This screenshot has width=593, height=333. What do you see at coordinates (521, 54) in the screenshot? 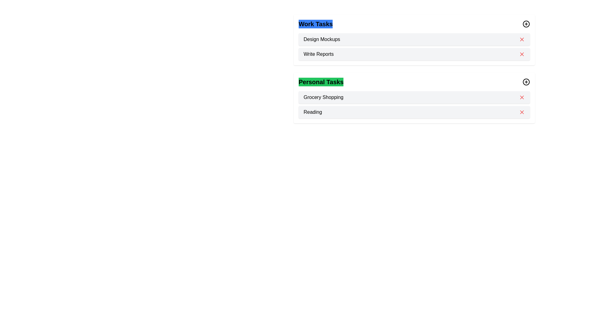
I see `the task Write Reports from the category Work by clicking the 'X' icon next to the task` at bounding box center [521, 54].